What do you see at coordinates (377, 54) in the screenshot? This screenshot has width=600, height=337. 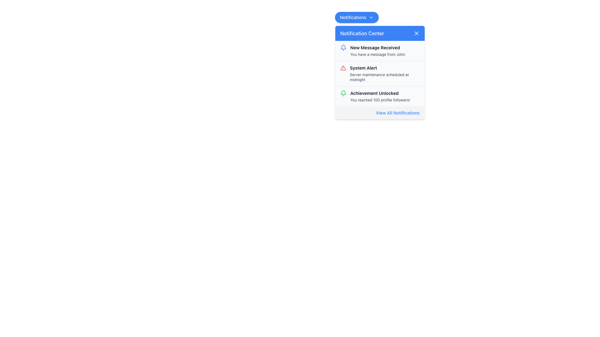 I see `the descriptive text element that provides additional detail for the 'New Message Received' notification, located directly underneath the title in the first notification card` at bounding box center [377, 54].